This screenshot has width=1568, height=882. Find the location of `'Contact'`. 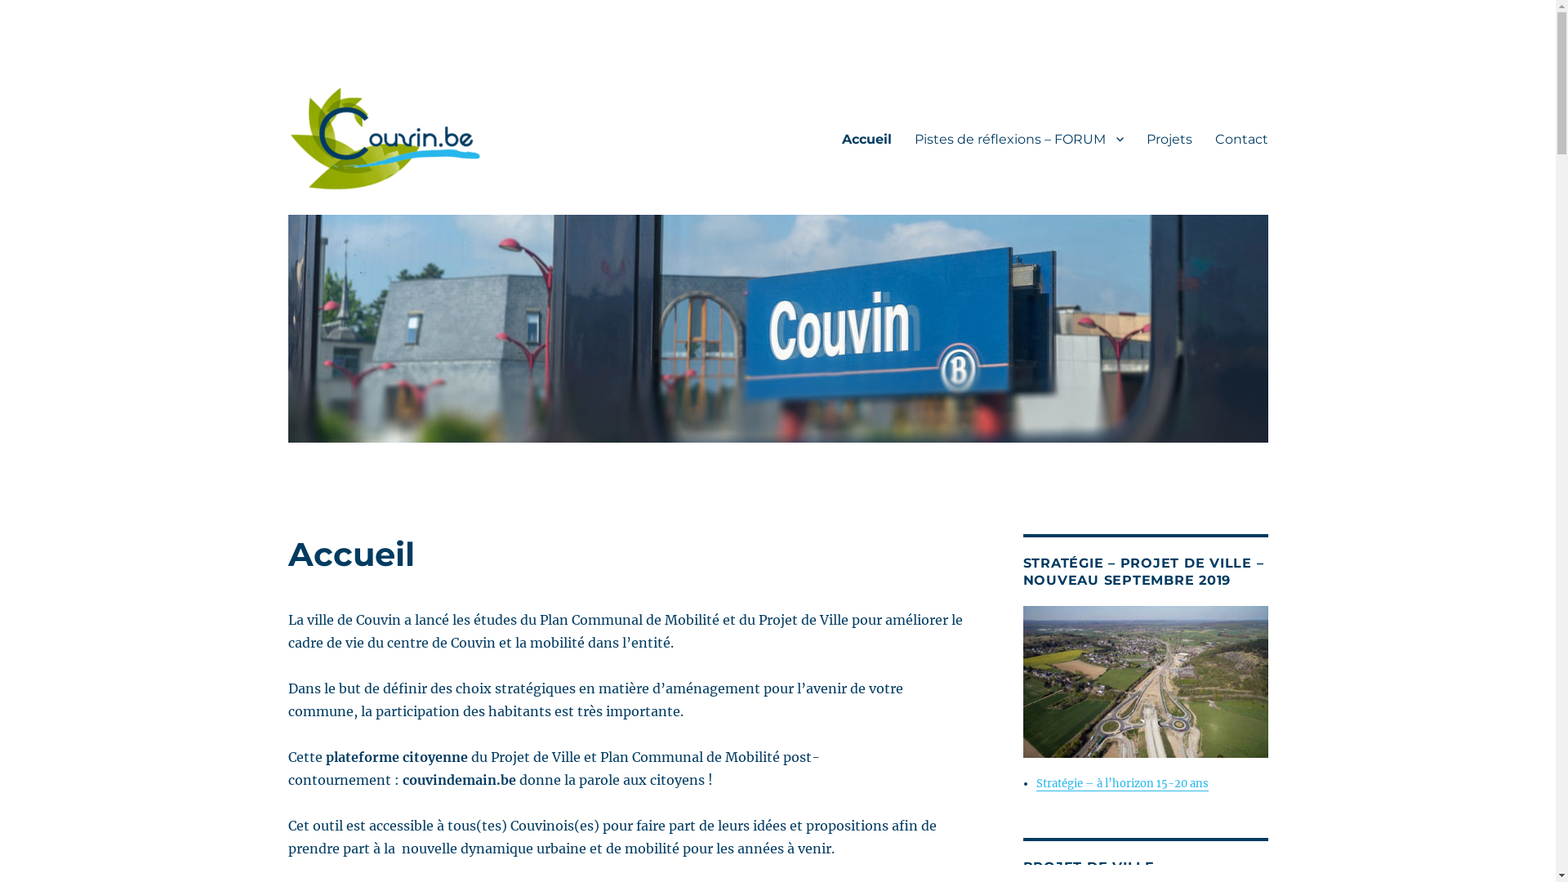

'Contact' is located at coordinates (1203, 137).